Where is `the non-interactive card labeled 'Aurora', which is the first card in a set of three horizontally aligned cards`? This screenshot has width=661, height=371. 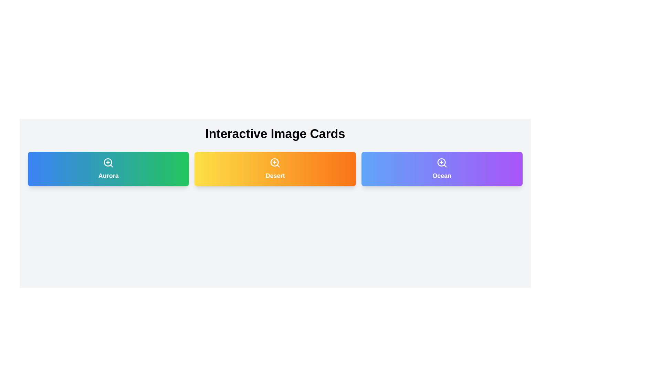 the non-interactive card labeled 'Aurora', which is the first card in a set of three horizontally aligned cards is located at coordinates (108, 169).